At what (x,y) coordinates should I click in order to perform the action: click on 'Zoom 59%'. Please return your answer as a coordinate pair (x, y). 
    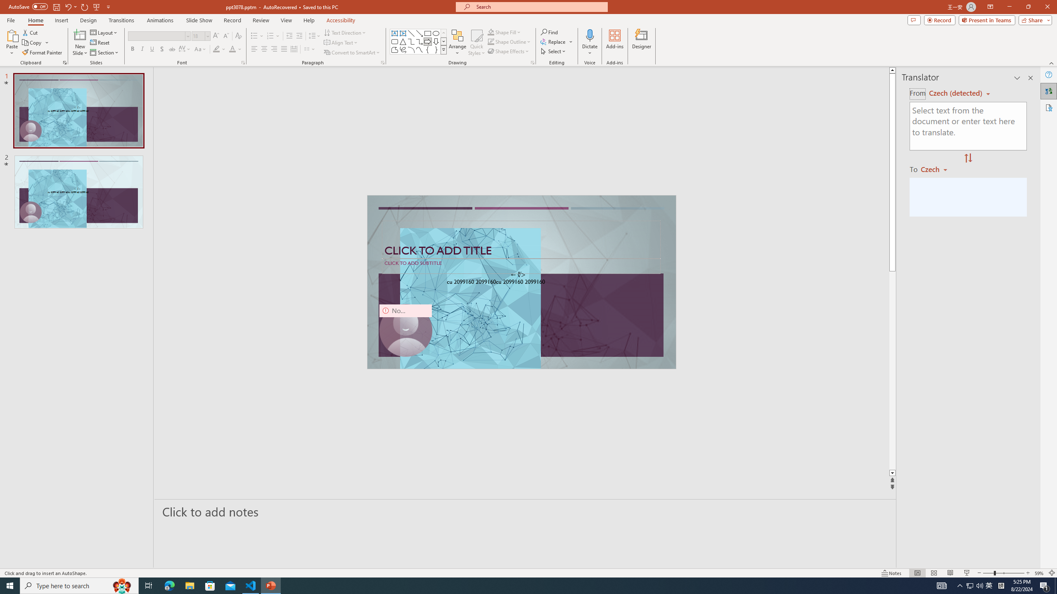
    Looking at the image, I should click on (1039, 573).